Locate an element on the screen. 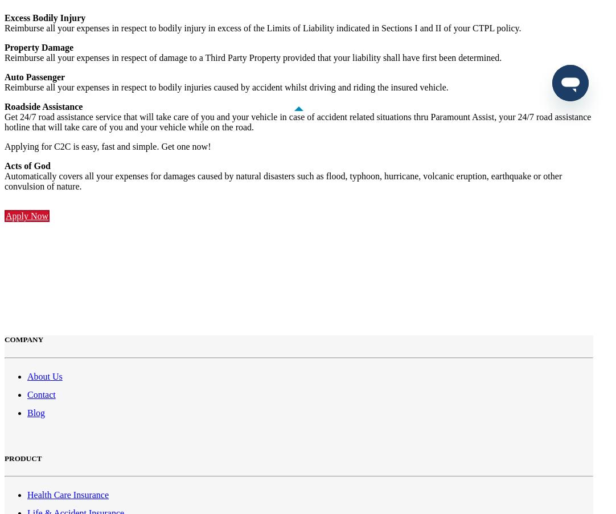 The width and height of the screenshot is (616, 514). 'Apply Now' is located at coordinates (27, 216).